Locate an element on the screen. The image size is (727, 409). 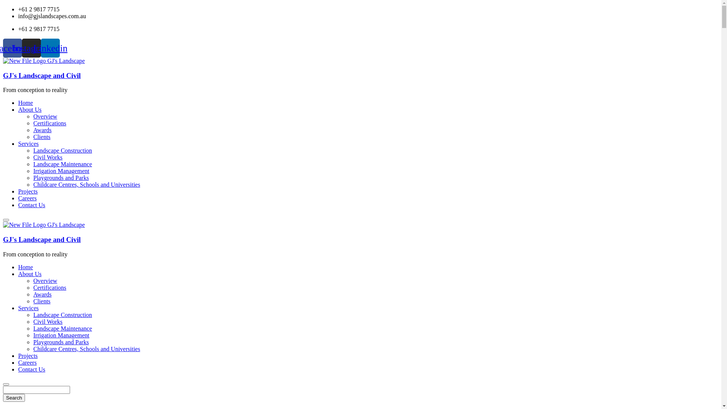
'Awards' is located at coordinates (42, 294).